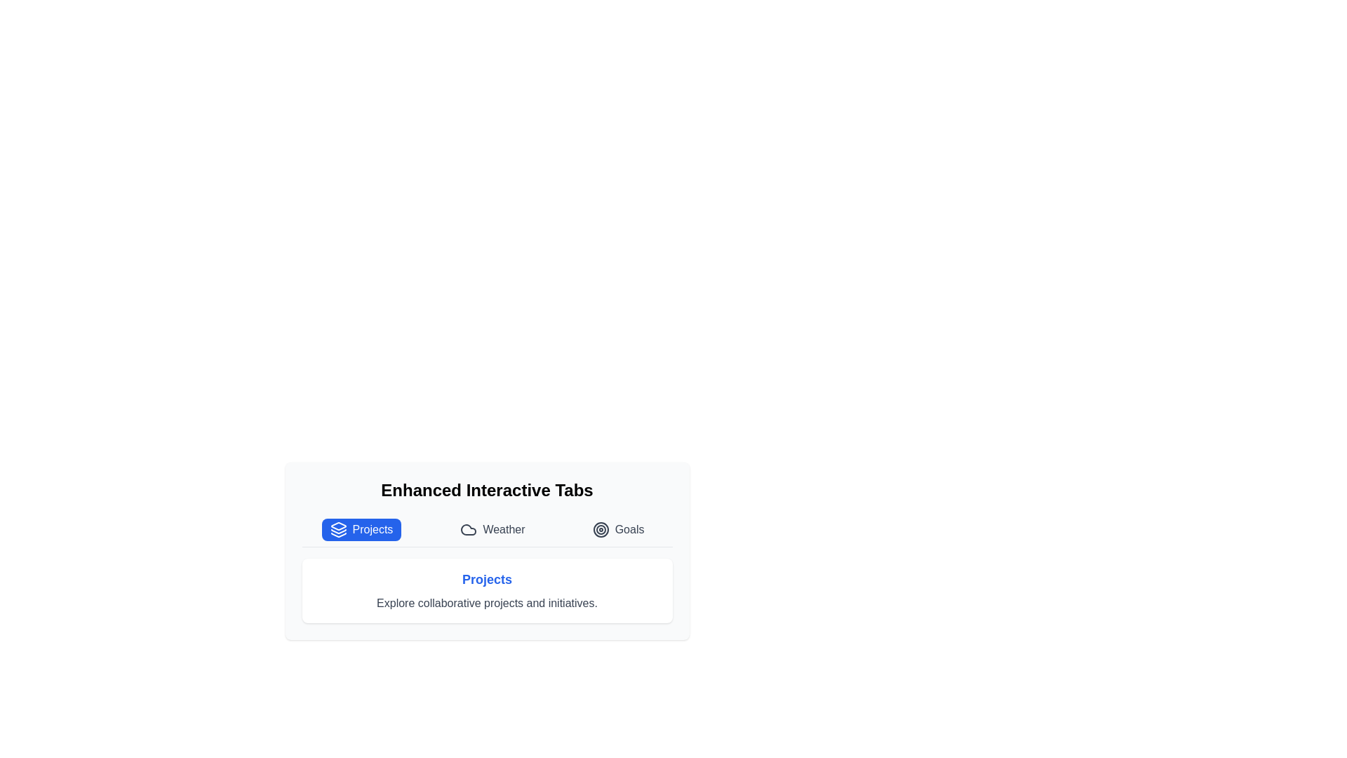 This screenshot has width=1347, height=758. Describe the element at coordinates (492, 530) in the screenshot. I see `the Weather tab to activate it` at that location.